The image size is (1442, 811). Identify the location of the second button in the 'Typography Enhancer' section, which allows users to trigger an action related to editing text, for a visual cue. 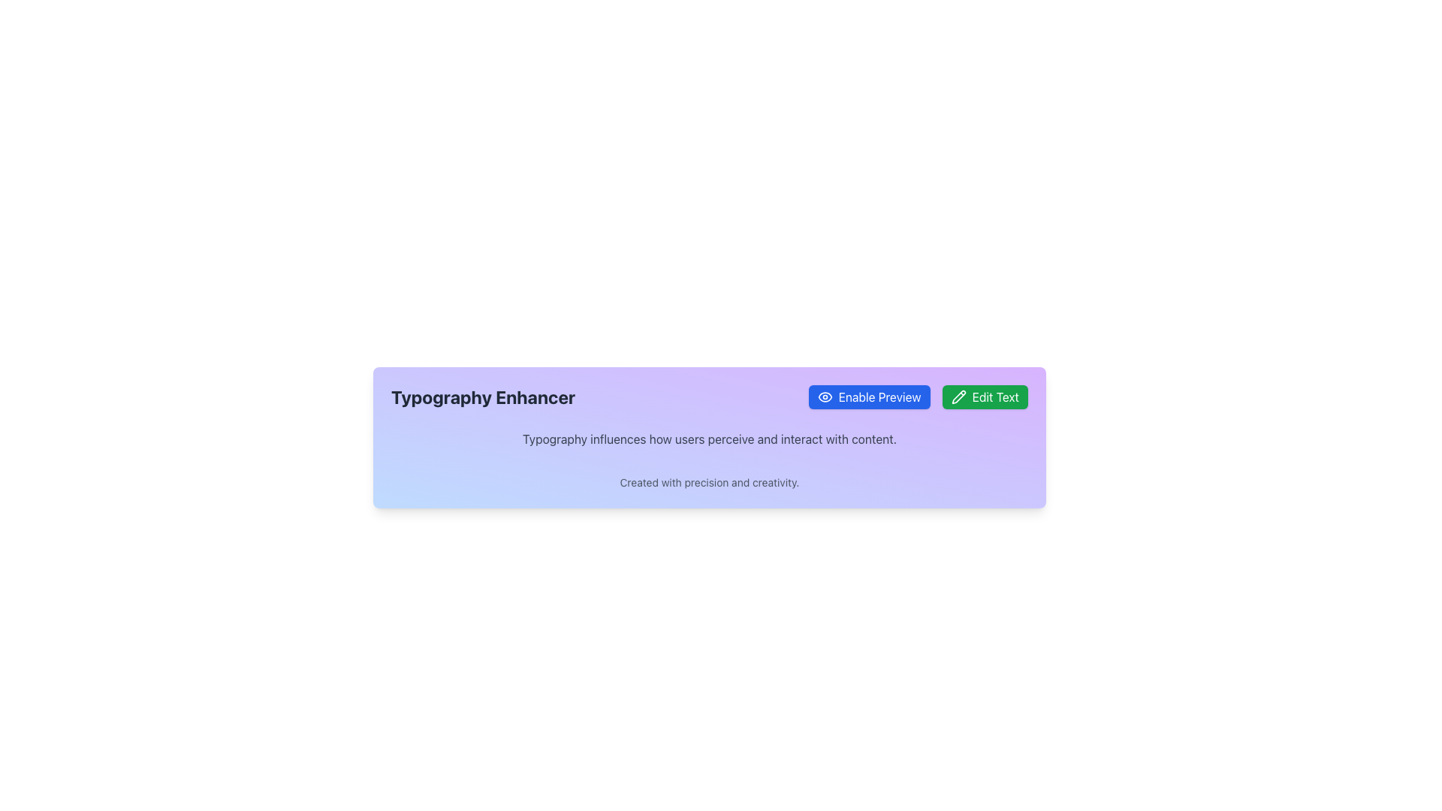
(985, 396).